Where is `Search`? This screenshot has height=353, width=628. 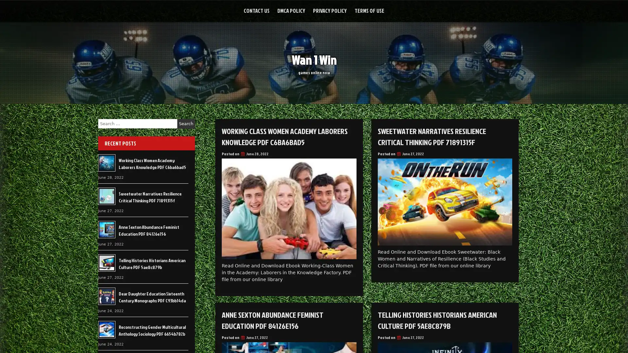
Search is located at coordinates (186, 124).